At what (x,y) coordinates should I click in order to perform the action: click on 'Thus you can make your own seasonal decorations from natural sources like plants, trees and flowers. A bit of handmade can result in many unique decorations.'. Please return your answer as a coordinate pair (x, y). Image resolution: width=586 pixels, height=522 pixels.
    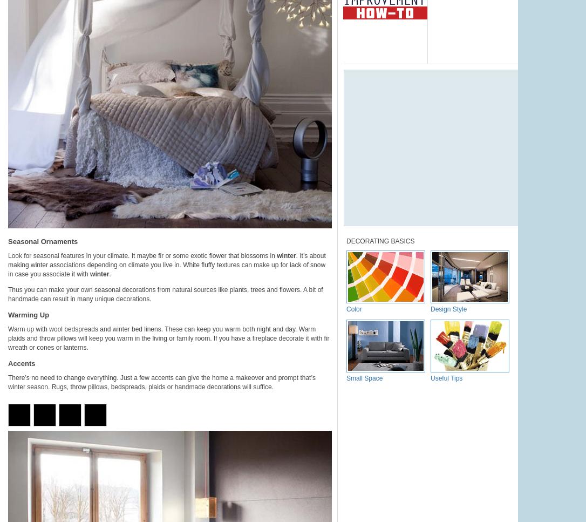
    Looking at the image, I should click on (165, 294).